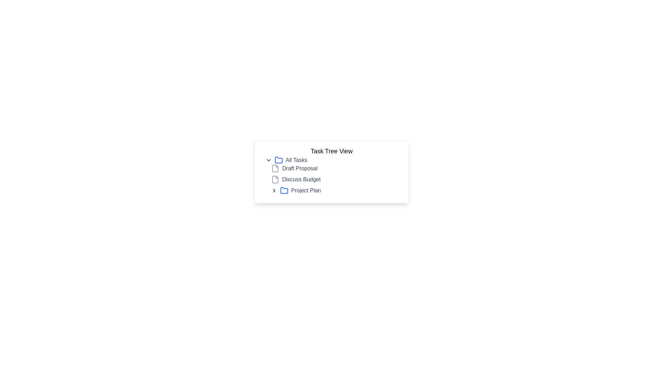  I want to click on the minimalist gray document icon positioned to the left of the 'Draft Proposal' text, so click(275, 169).